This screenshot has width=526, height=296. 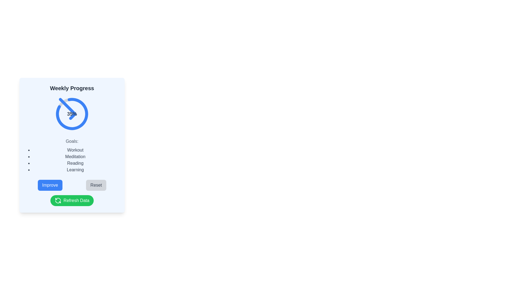 I want to click on the text label that serves as a heading for the list of goals, located above the bullet point list, so click(x=72, y=141).